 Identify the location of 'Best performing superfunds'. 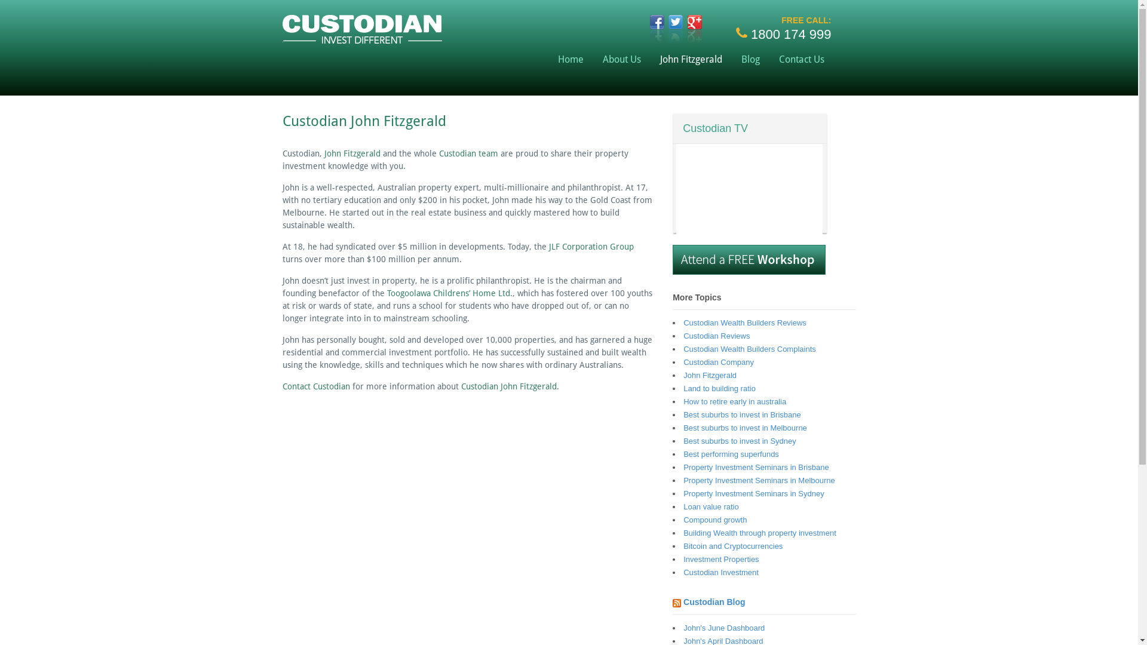
(731, 454).